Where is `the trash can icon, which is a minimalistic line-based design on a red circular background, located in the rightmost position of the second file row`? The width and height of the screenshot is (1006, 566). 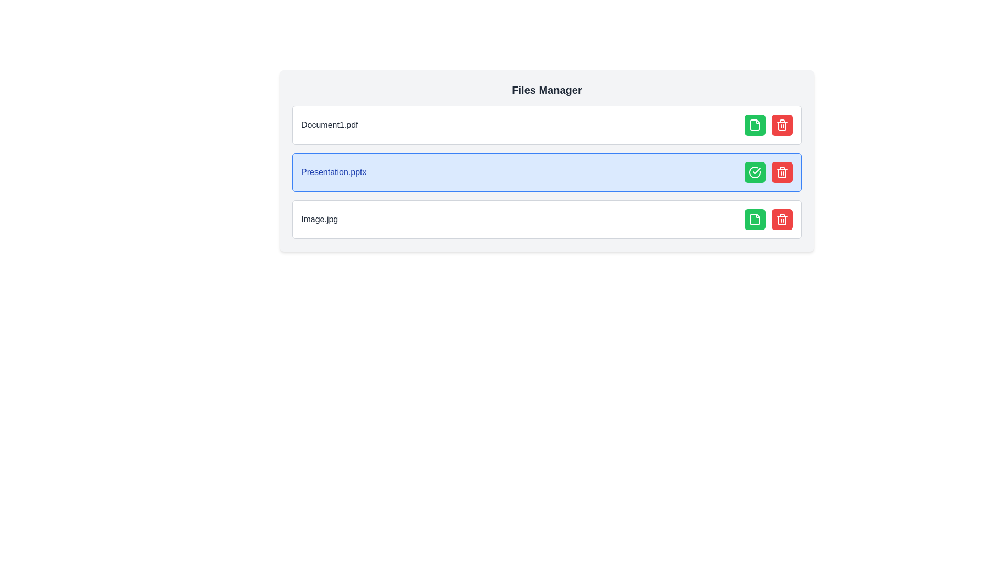 the trash can icon, which is a minimalistic line-based design on a red circular background, located in the rightmost position of the second file row is located at coordinates (782, 171).